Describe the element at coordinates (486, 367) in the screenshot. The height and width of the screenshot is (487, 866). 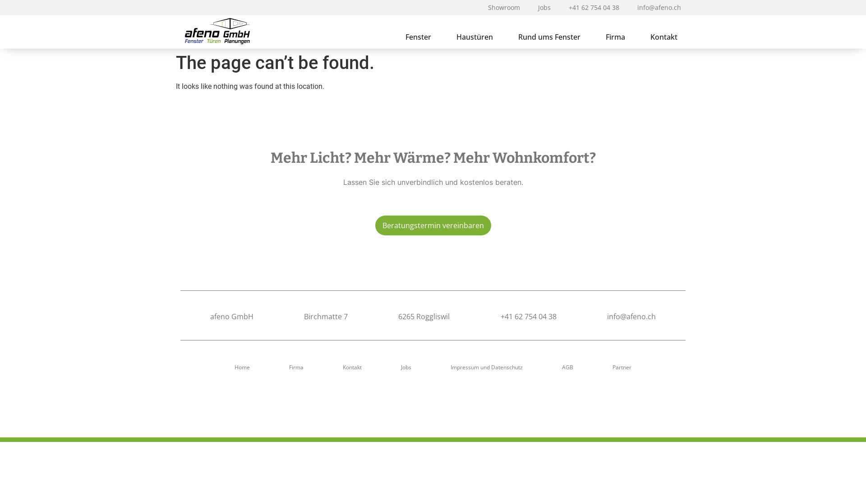
I see `'Impressum und Datenschutz'` at that location.